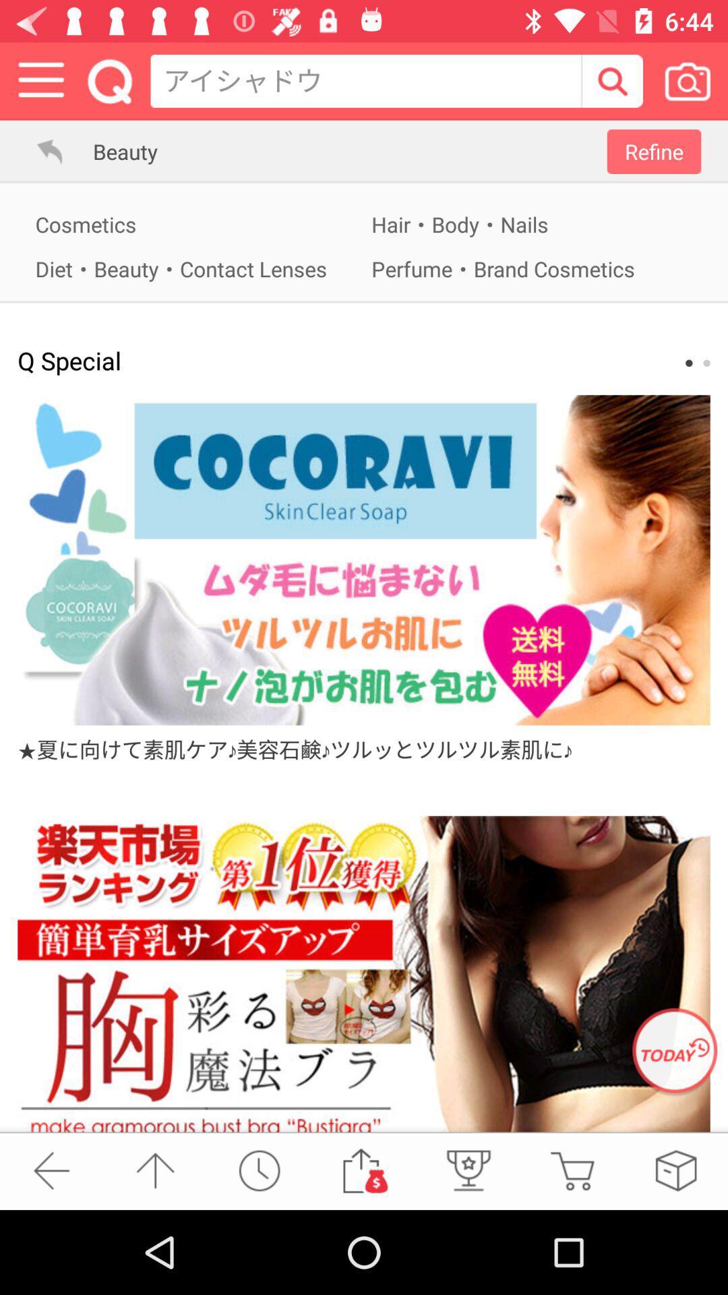  I want to click on asking today option, so click(675, 1052).